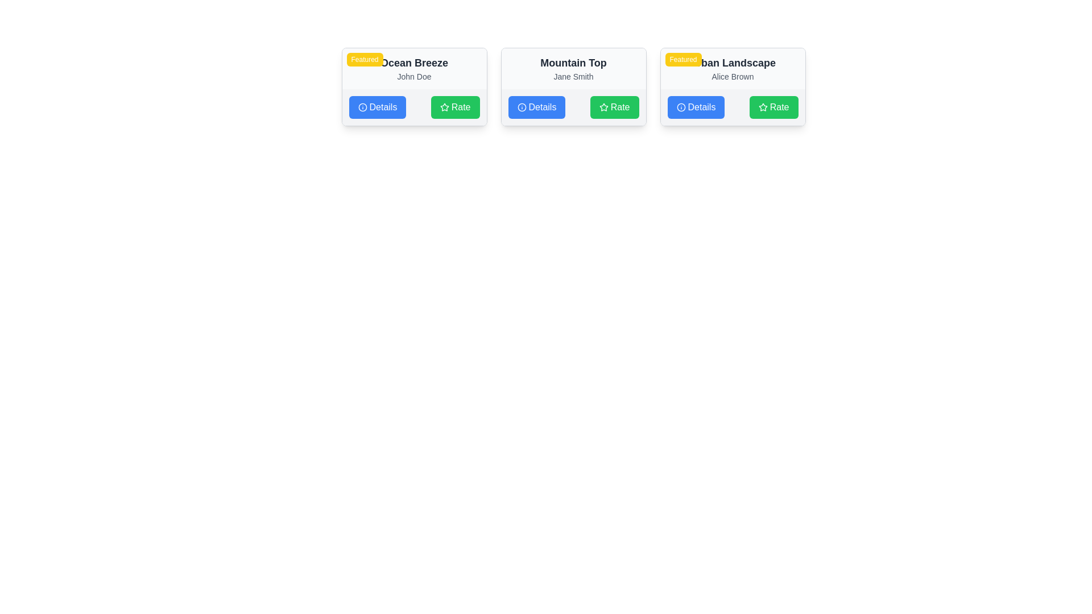 Image resolution: width=1092 pixels, height=614 pixels. I want to click on the 'featured' label located at the top-left corner of the 'Ocean Breeze' card, which serves as a visual highlight to indicate noteworthy content, so click(365, 59).